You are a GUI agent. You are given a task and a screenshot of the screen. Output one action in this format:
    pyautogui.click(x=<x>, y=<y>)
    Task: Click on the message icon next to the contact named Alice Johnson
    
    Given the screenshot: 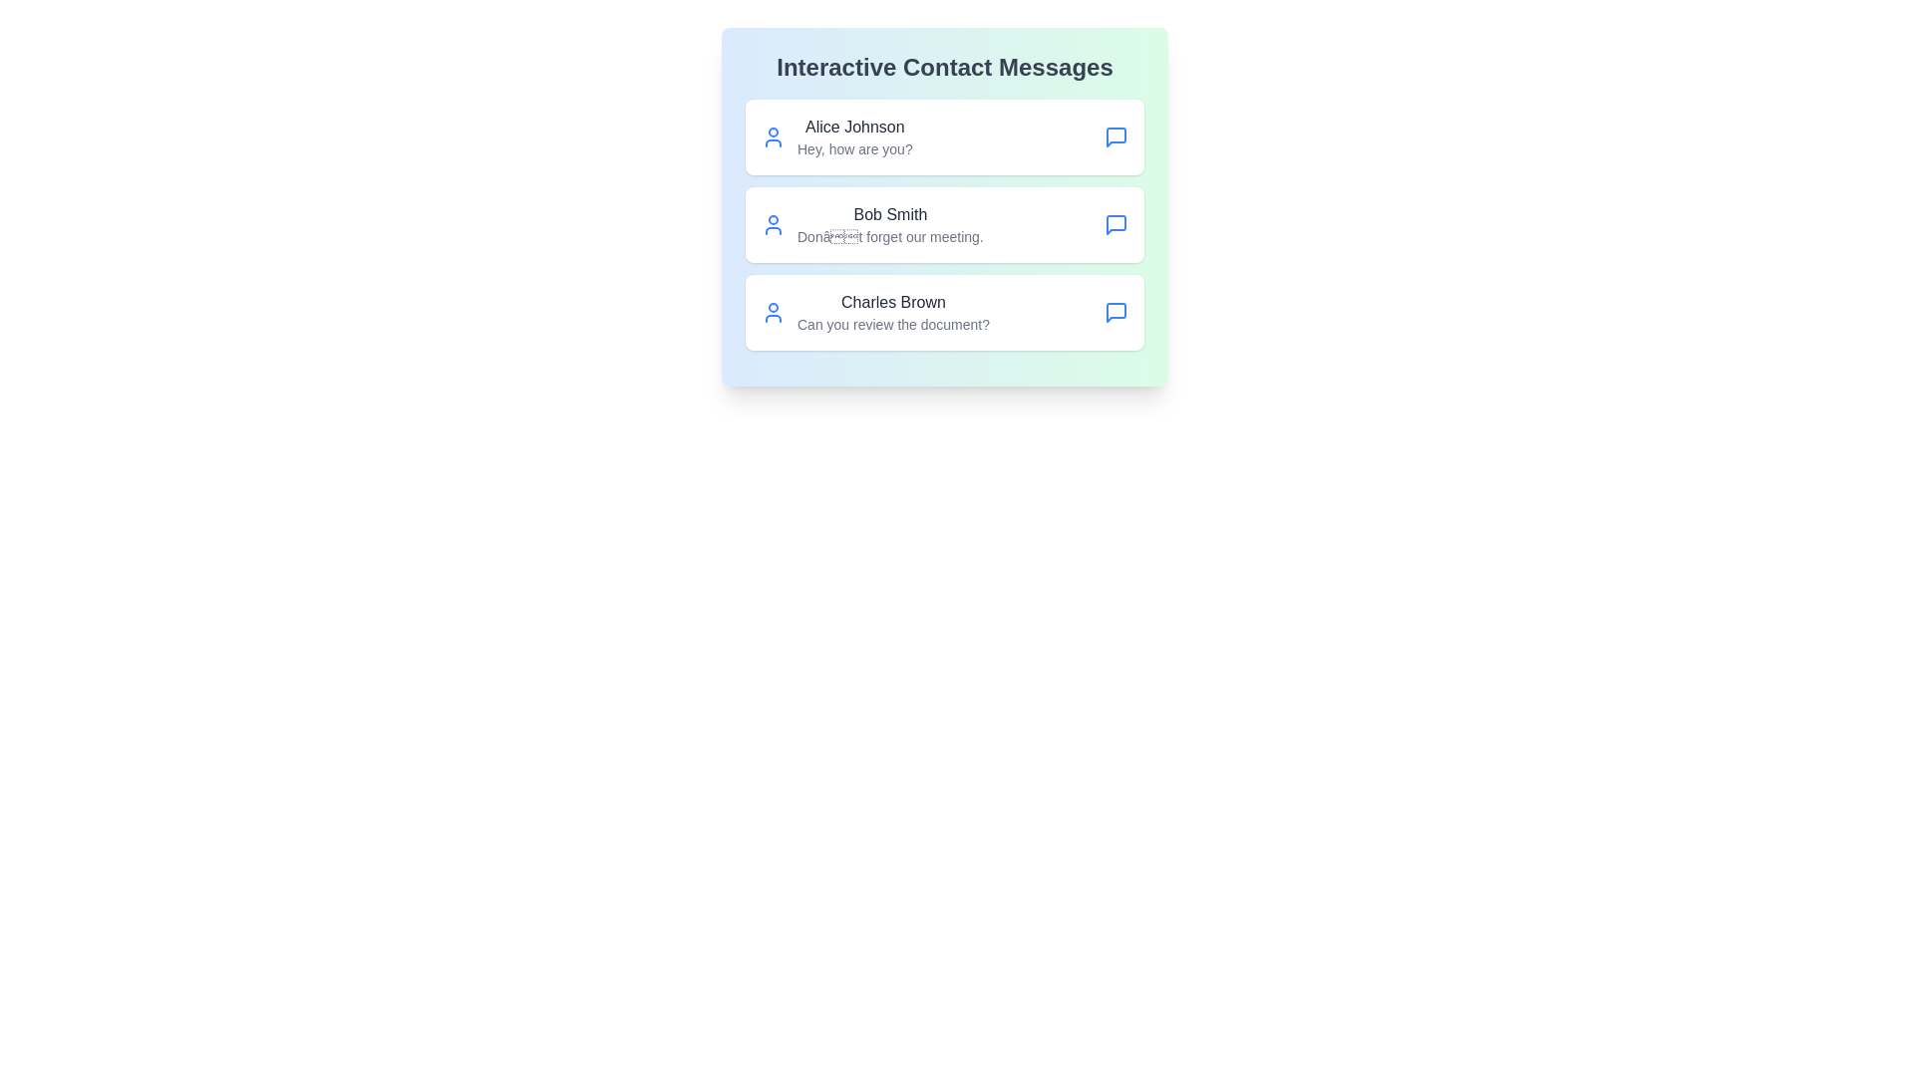 What is the action you would take?
    pyautogui.click(x=1115, y=136)
    